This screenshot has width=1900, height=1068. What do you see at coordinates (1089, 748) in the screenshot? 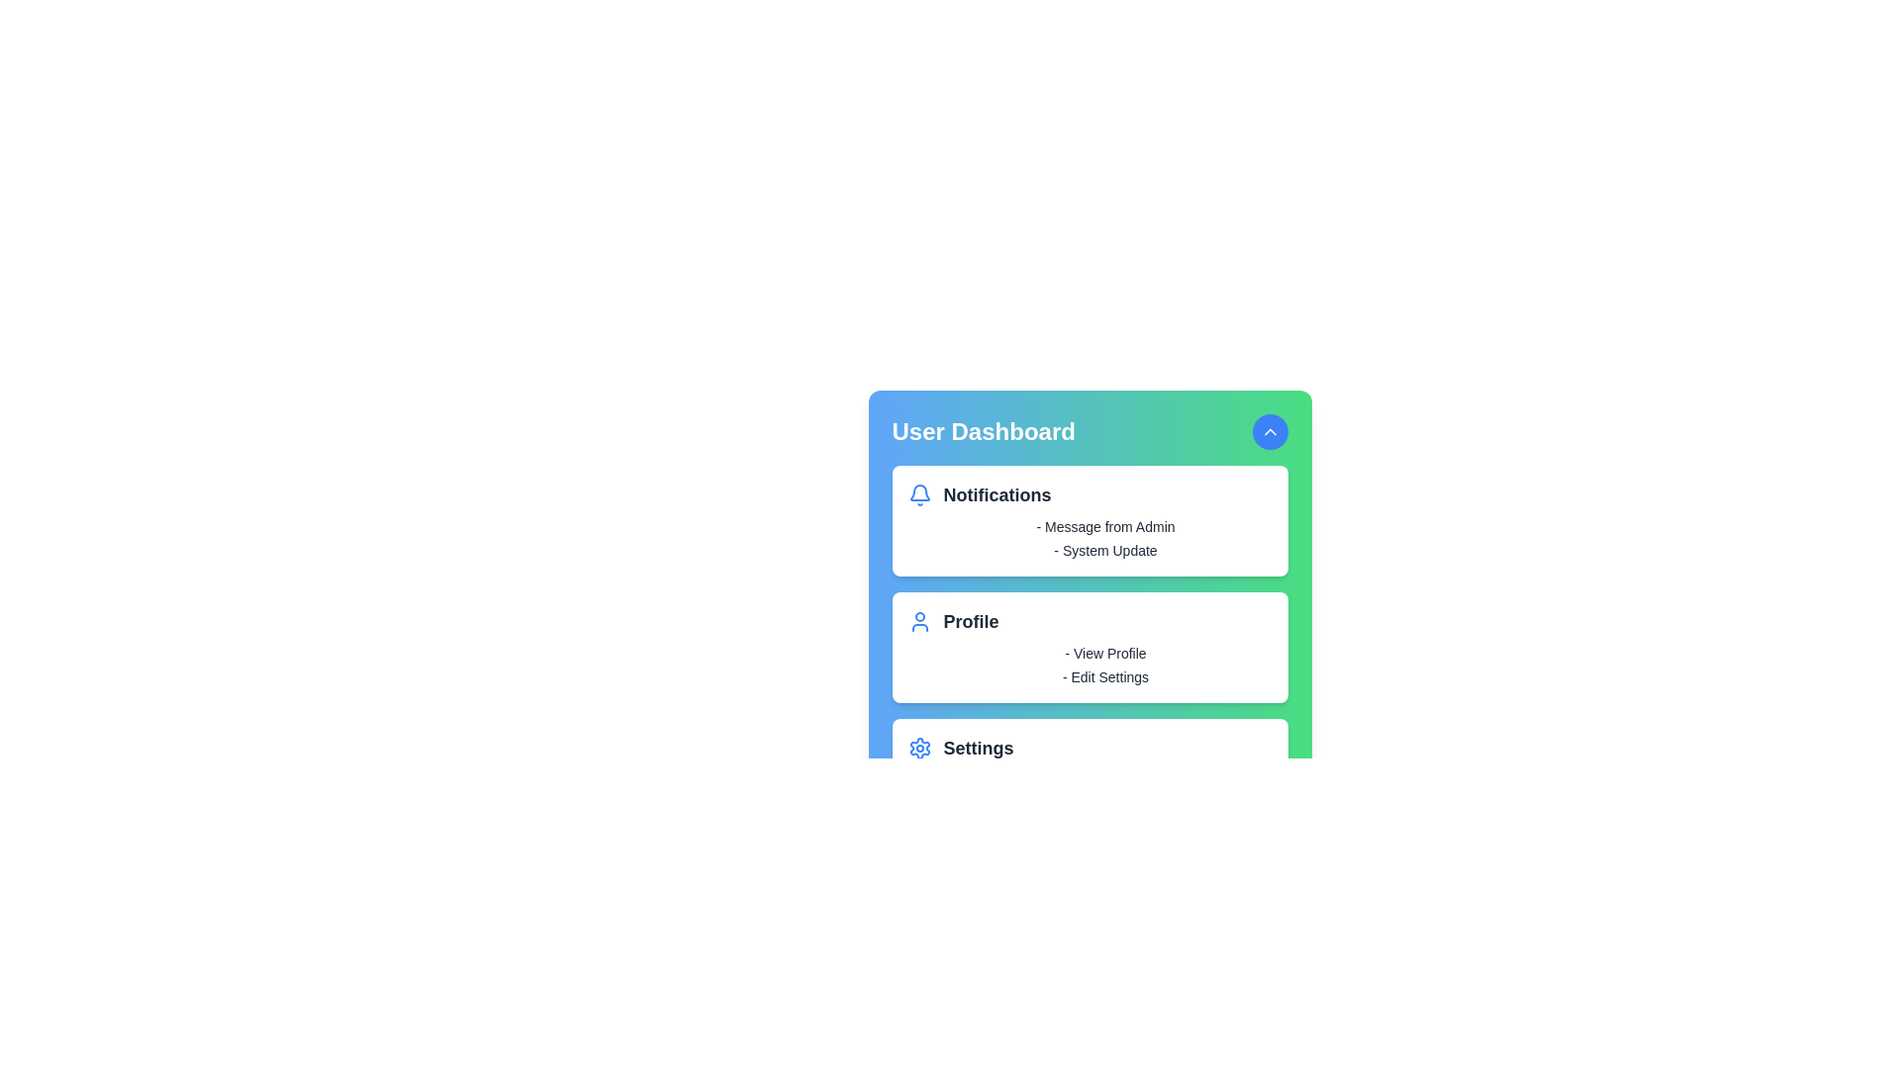
I see `the header of the section Settings to expand or collapse its details` at bounding box center [1089, 748].